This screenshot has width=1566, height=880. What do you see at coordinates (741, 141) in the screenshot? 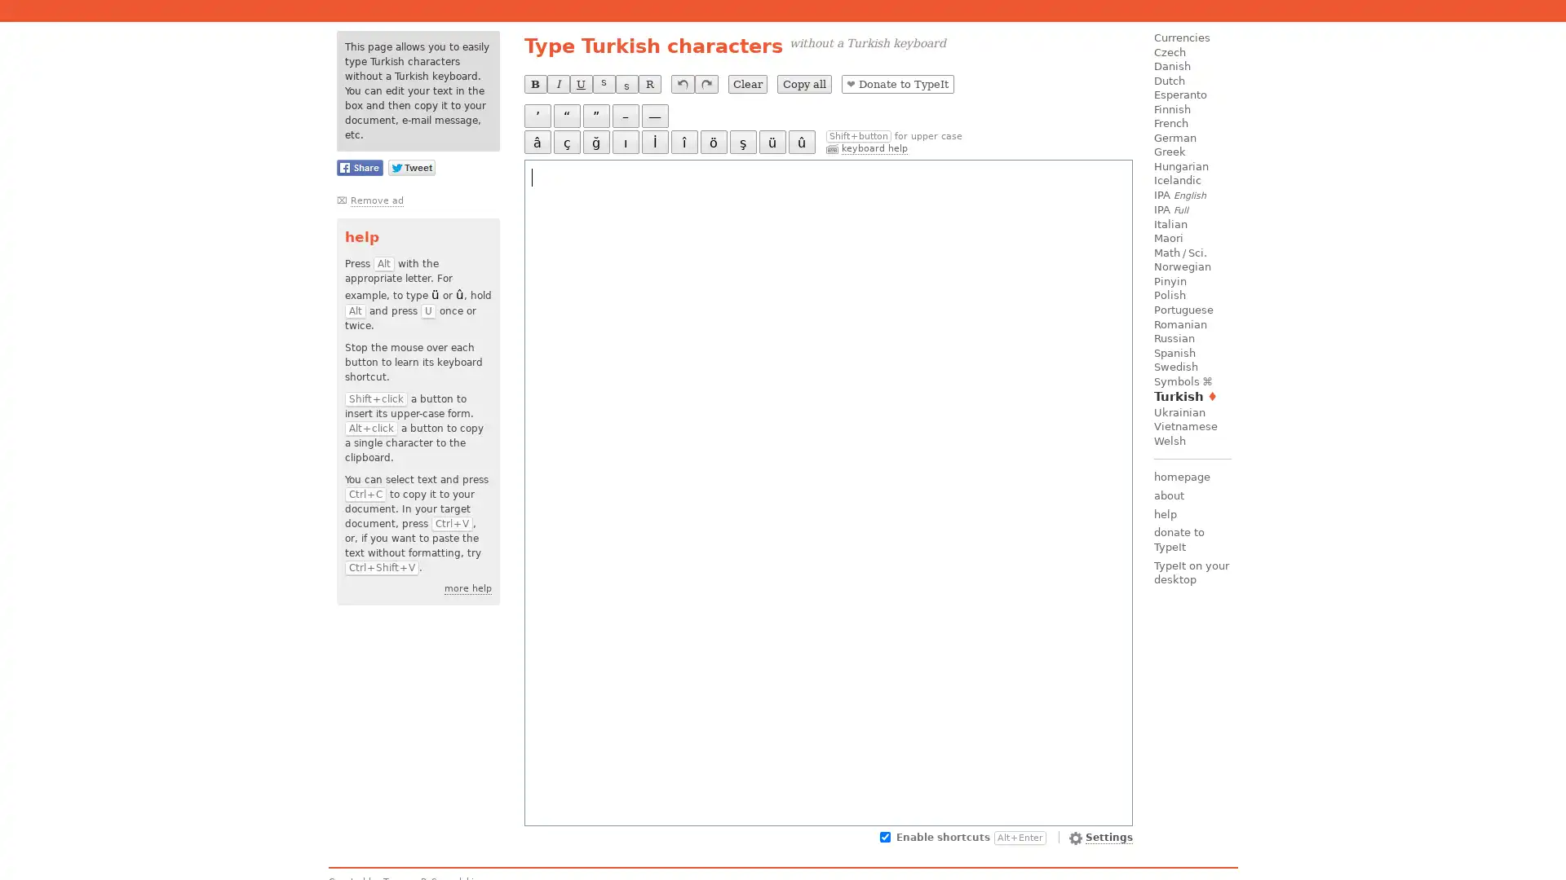
I see `s` at bounding box center [741, 141].